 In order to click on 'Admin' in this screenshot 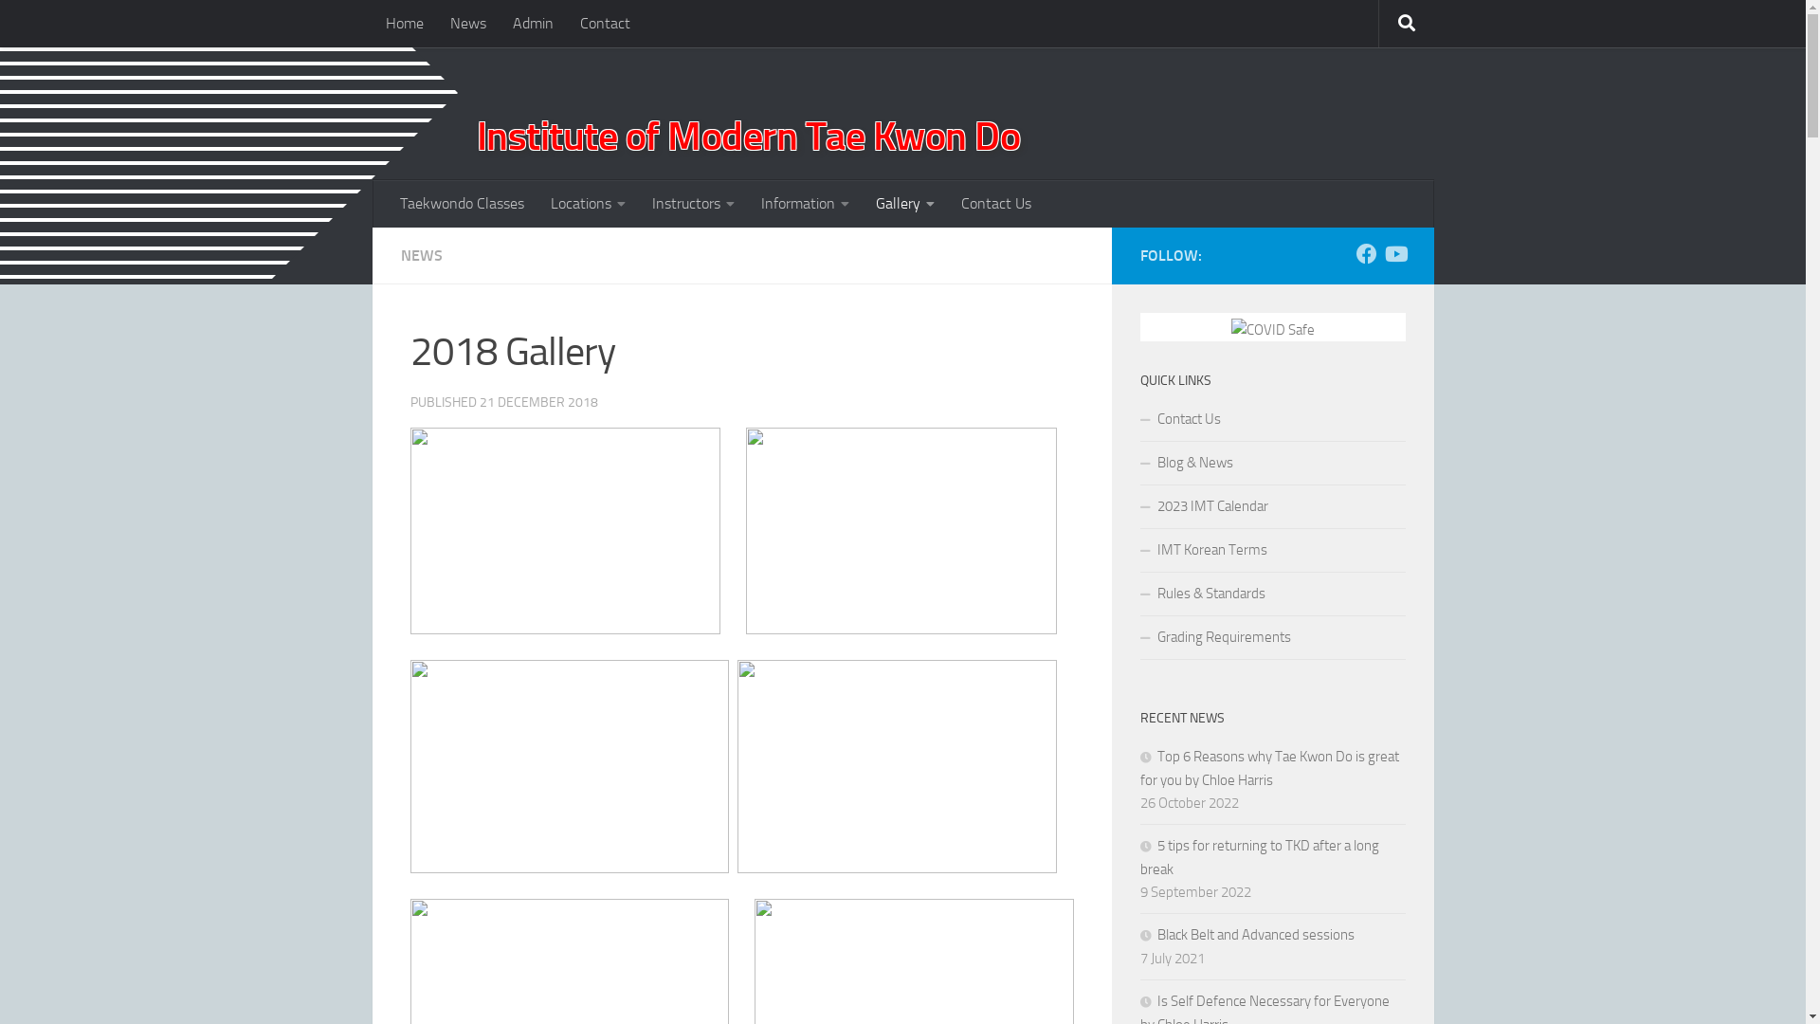, I will do `click(531, 23)`.